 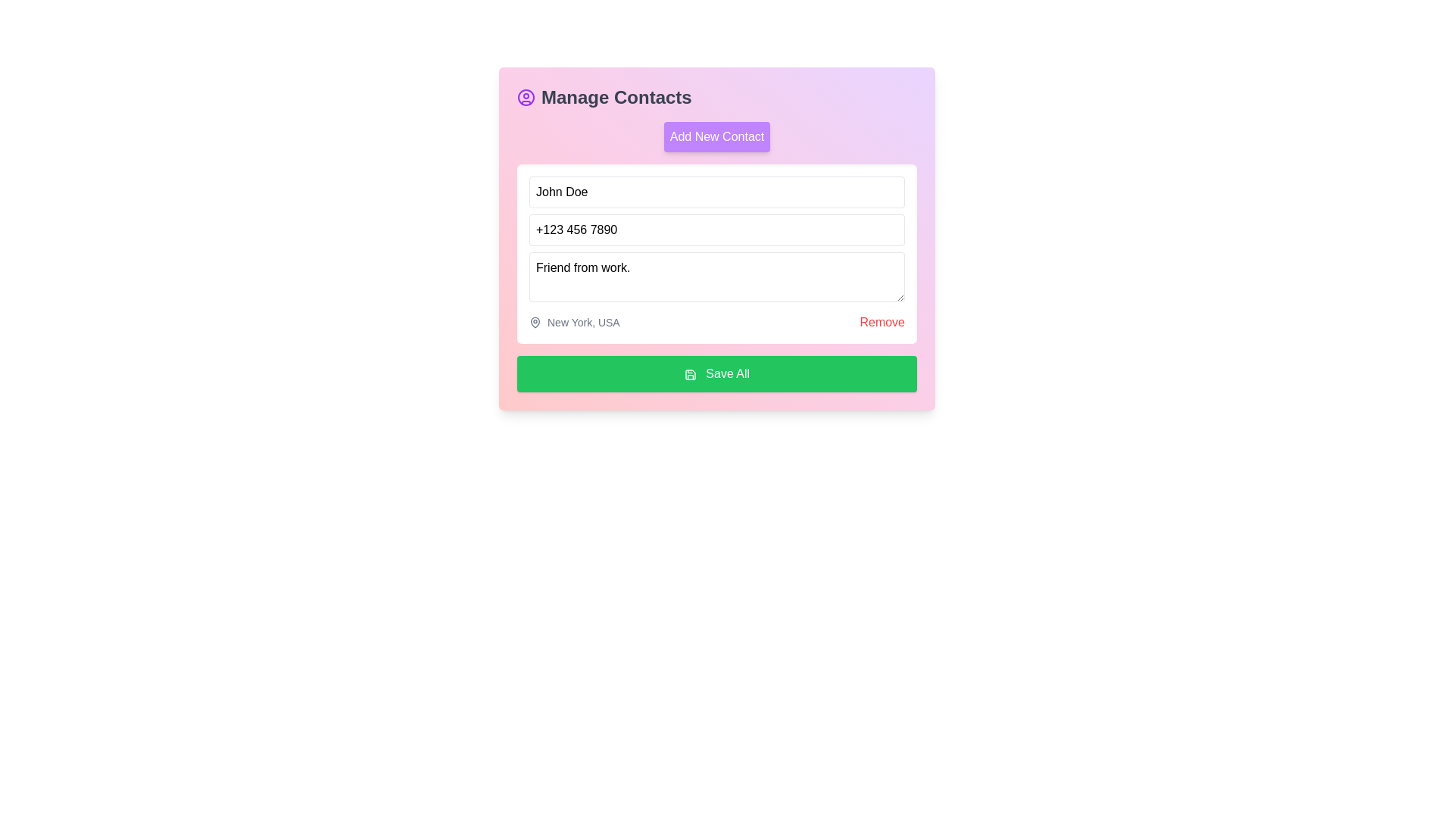 What do you see at coordinates (535, 321) in the screenshot?
I see `the location pin icon, which is styled with a thin line design and is located to the left of the text 'New York, USA'. This icon is part of a user interface indicating a location and is positioned near the bottom of the form interface, adjacent to the red 'Remove' button` at bounding box center [535, 321].